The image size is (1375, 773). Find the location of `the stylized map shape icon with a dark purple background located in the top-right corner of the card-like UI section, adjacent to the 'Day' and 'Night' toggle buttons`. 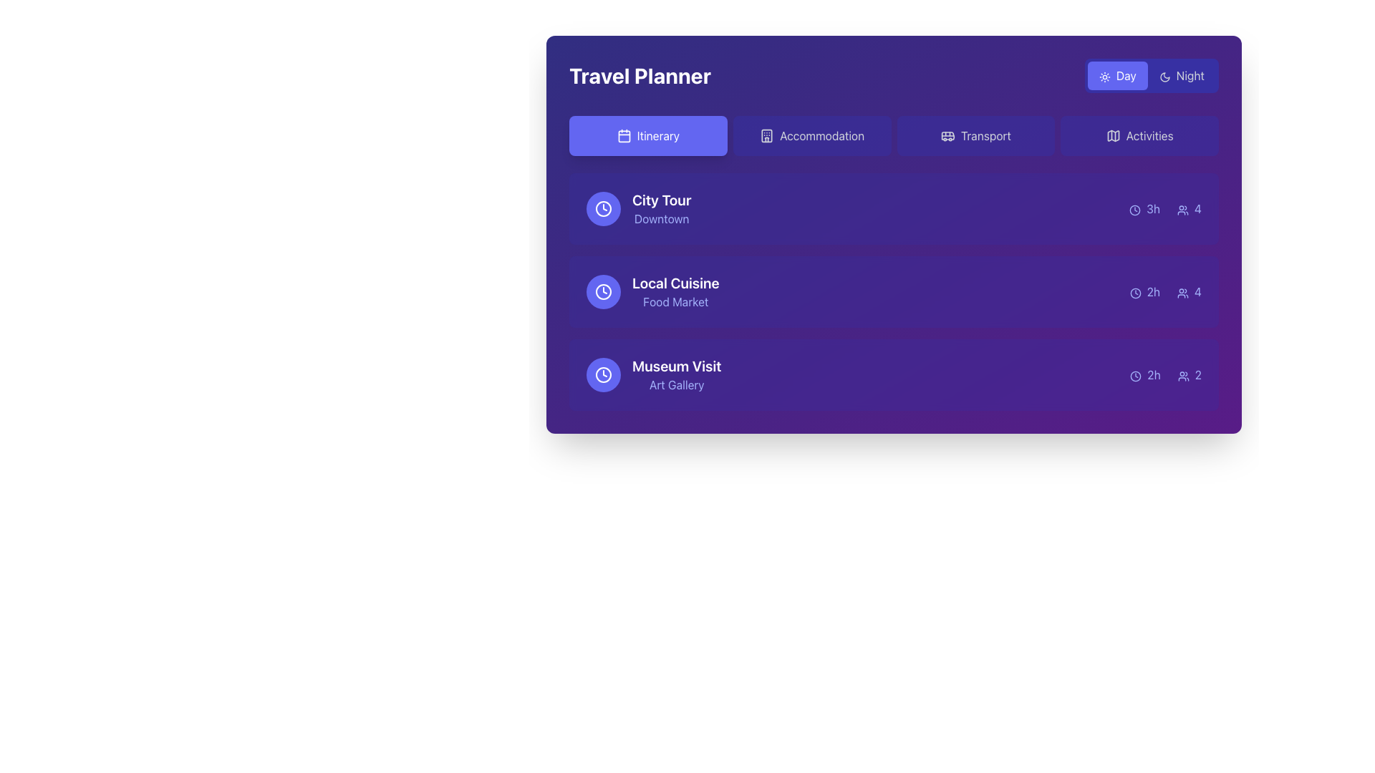

the stylized map shape icon with a dark purple background located in the top-right corner of the card-like UI section, adjacent to the 'Day' and 'Night' toggle buttons is located at coordinates (1112, 135).